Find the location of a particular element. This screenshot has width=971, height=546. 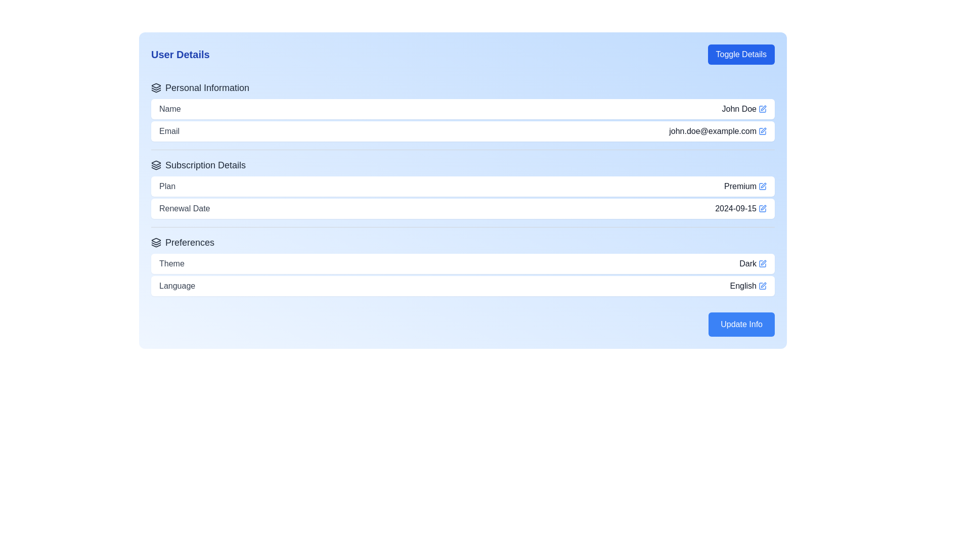

the blue pen icon located to the right of the email address 'john.doe@example.com' to initiate editing is located at coordinates (762, 130).